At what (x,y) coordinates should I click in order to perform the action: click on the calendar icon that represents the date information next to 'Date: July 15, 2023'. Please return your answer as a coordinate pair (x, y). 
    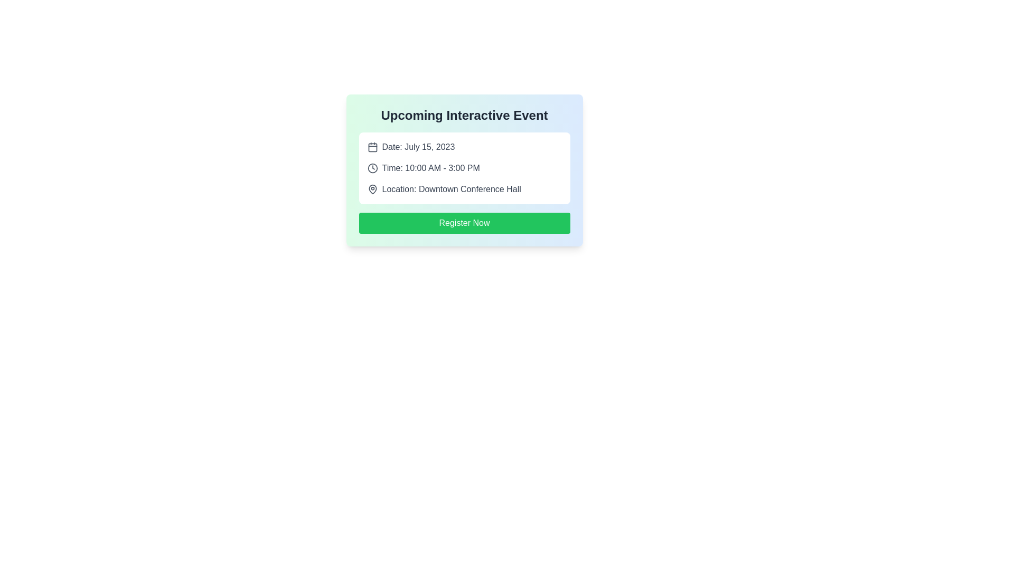
    Looking at the image, I should click on (372, 147).